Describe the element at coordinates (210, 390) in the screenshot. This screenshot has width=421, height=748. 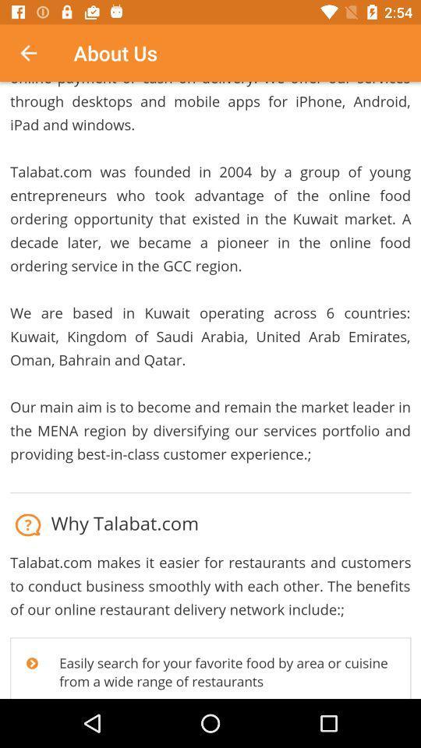
I see `scrollable page` at that location.